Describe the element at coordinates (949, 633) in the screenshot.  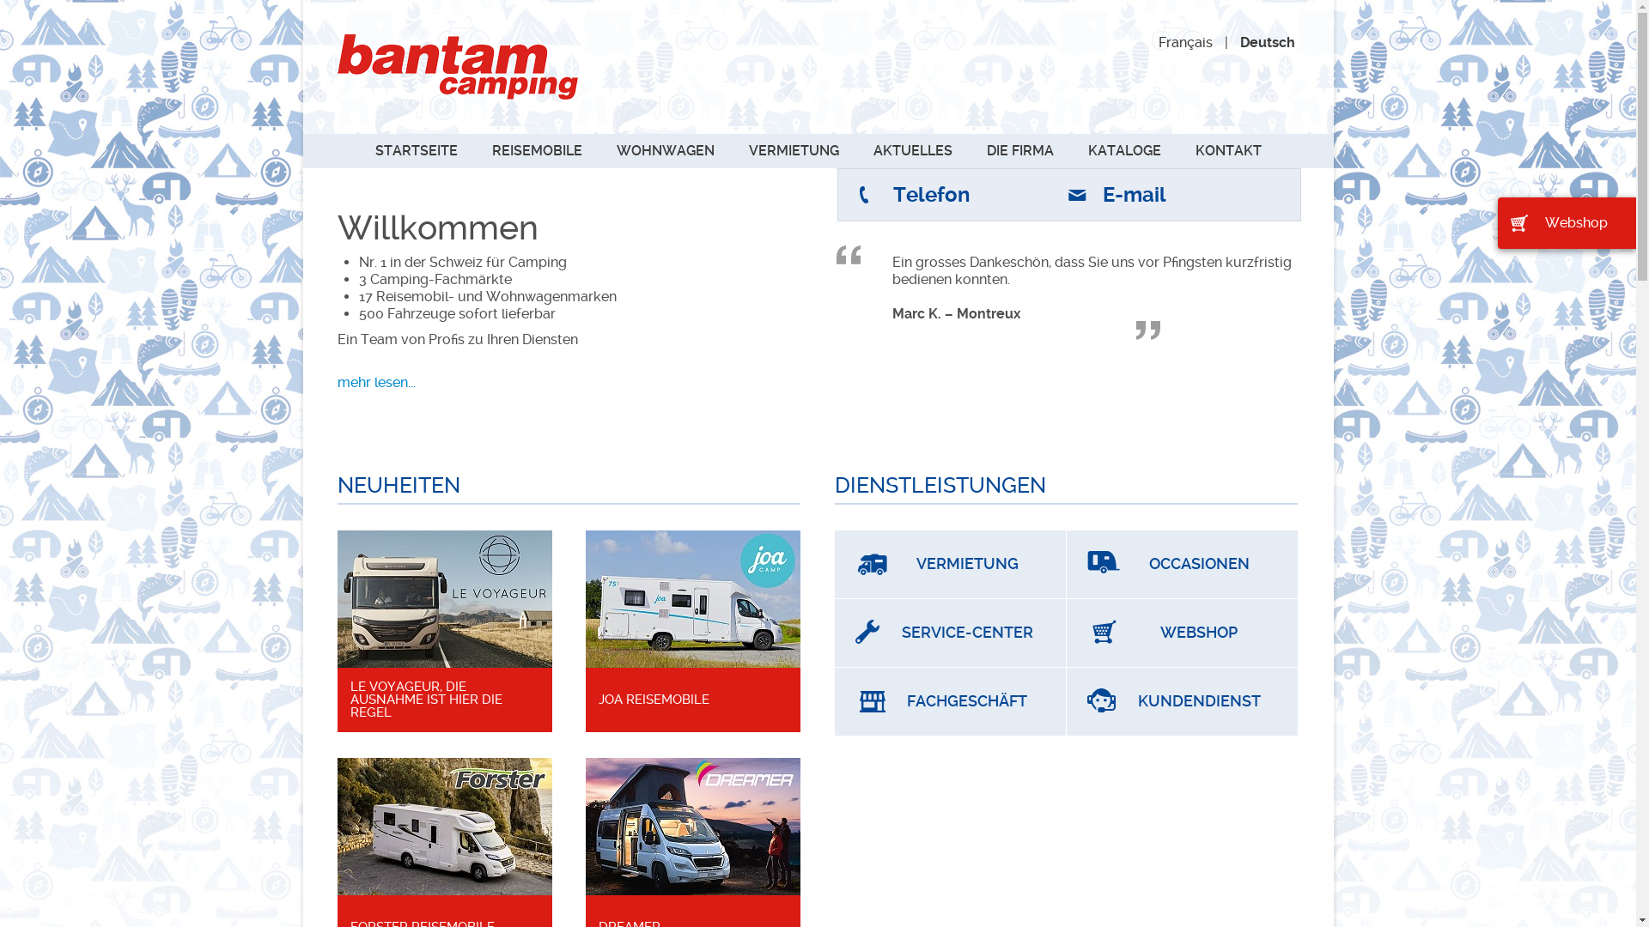
I see `'SERVICE-CENTER'` at that location.